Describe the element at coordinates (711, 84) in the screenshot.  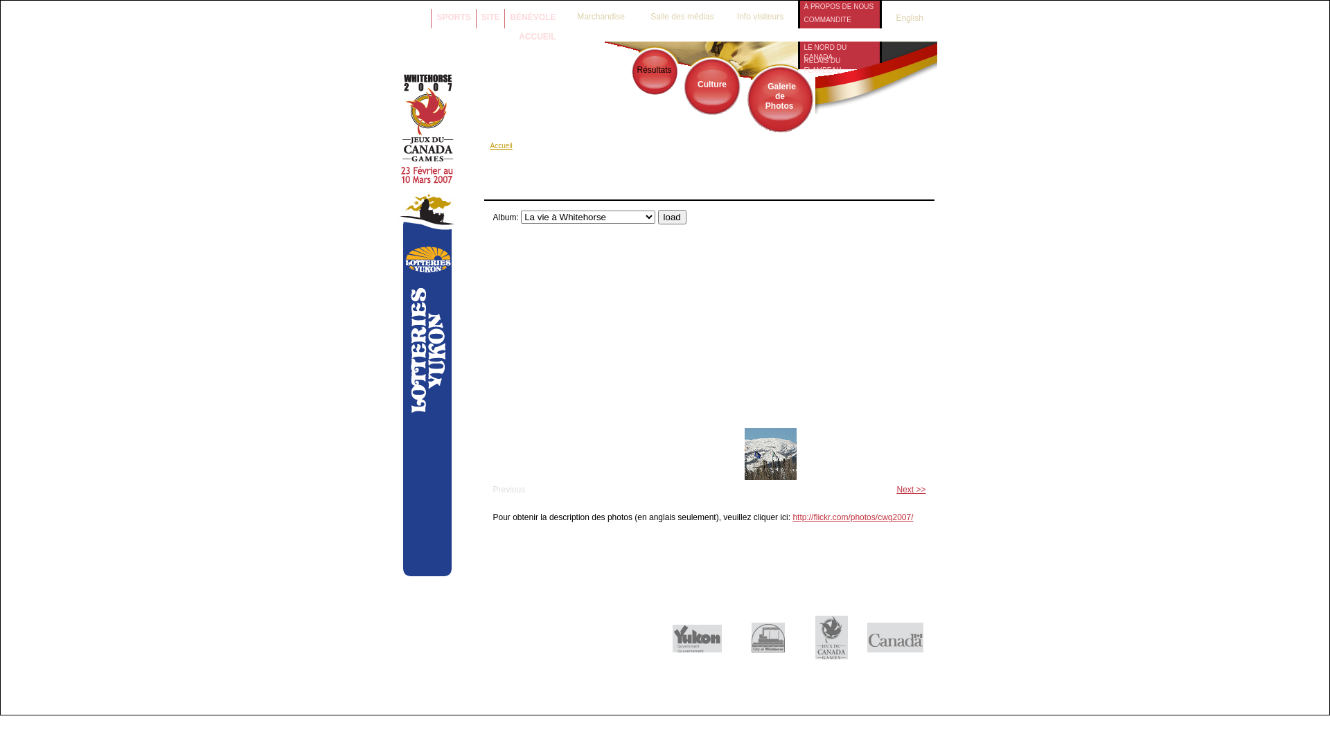
I see `'Culture'` at that location.